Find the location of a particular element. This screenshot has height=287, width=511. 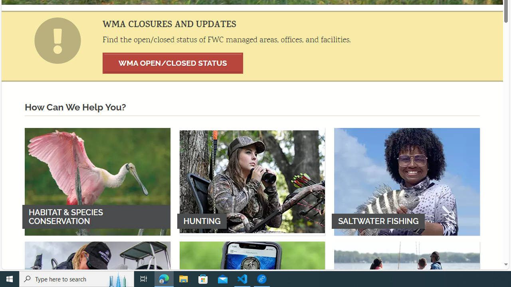

'HABITAT & SPECIES CONSERVATION' is located at coordinates (97, 181).